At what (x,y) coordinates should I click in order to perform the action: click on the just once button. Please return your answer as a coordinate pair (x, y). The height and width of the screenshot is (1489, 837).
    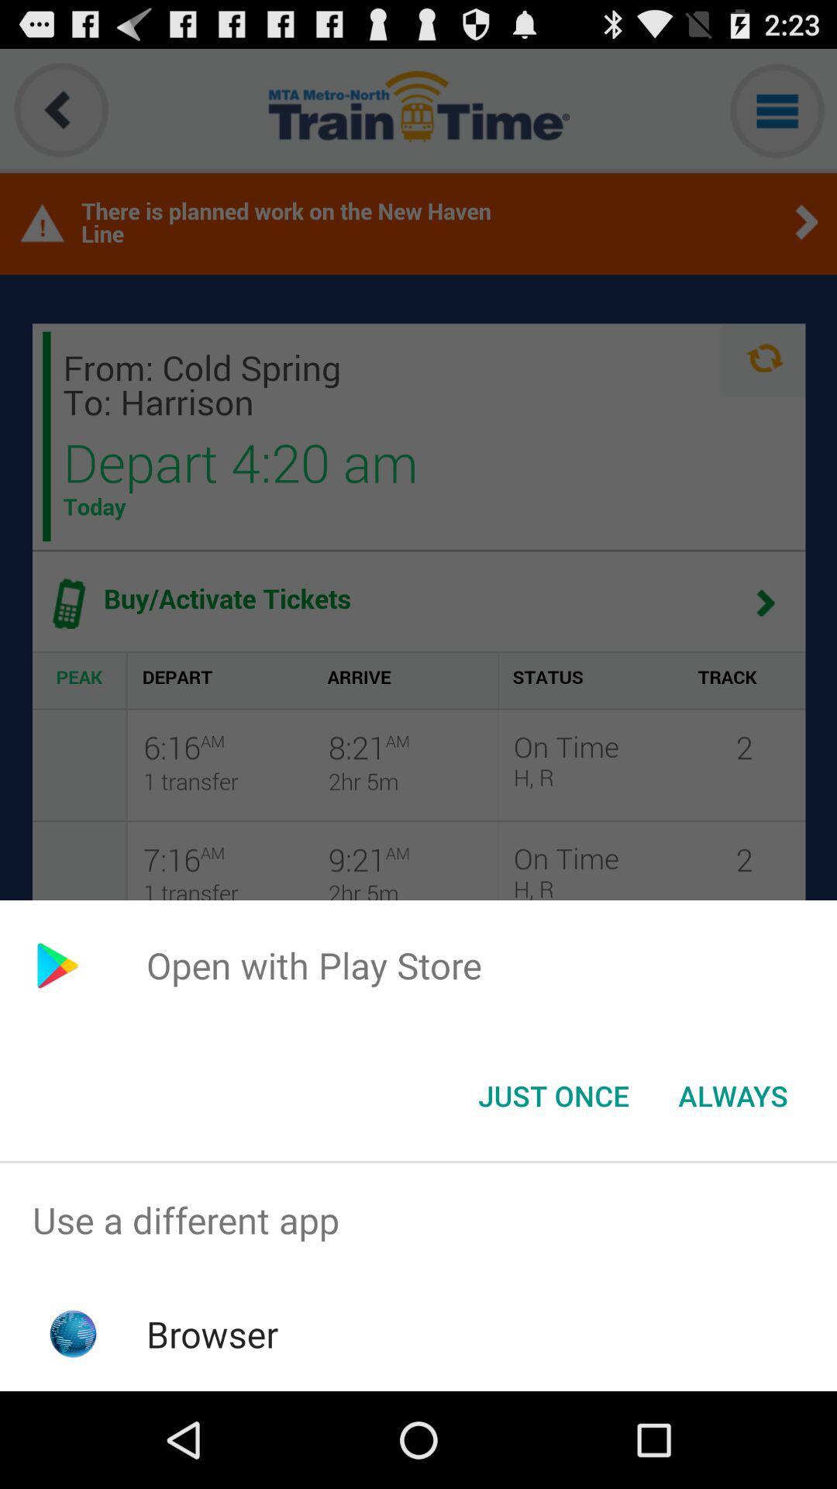
    Looking at the image, I should click on (553, 1094).